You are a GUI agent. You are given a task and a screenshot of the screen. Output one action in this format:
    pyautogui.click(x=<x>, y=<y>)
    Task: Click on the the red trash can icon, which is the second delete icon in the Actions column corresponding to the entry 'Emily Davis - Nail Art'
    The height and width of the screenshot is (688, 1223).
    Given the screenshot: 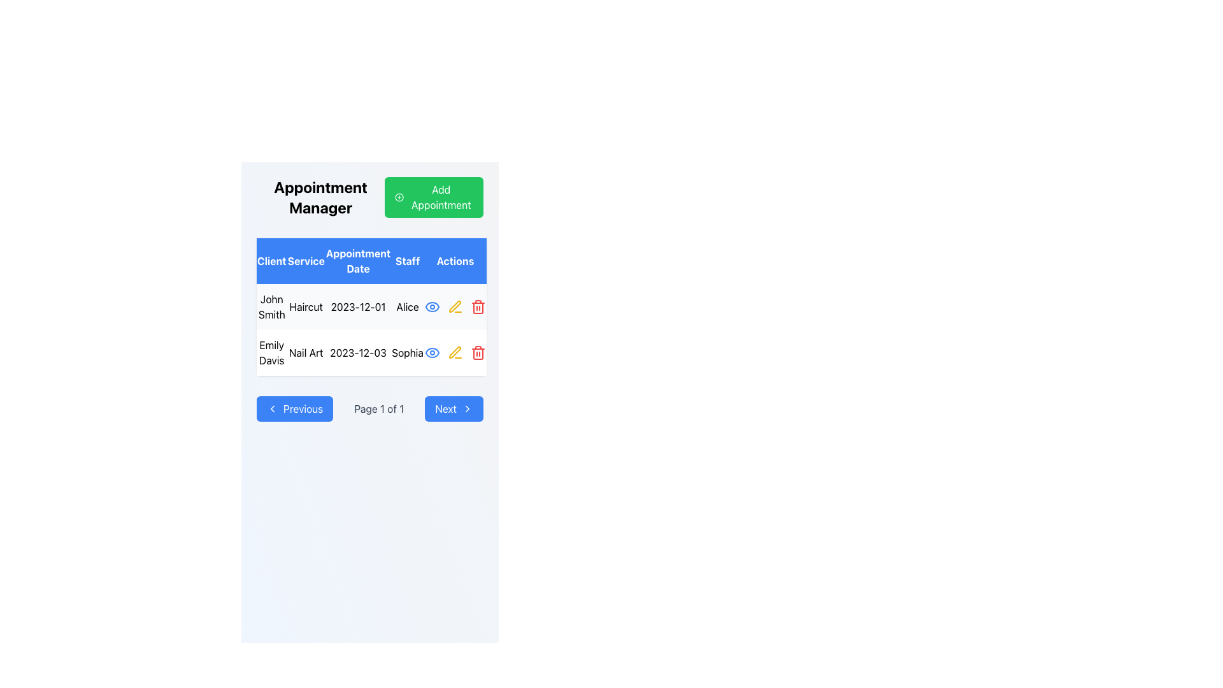 What is the action you would take?
    pyautogui.click(x=477, y=354)
    